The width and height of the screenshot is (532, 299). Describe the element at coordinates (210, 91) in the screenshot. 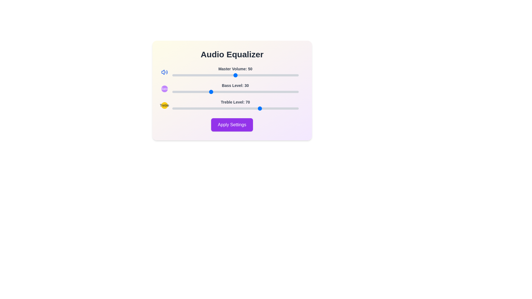

I see `bass level` at that location.